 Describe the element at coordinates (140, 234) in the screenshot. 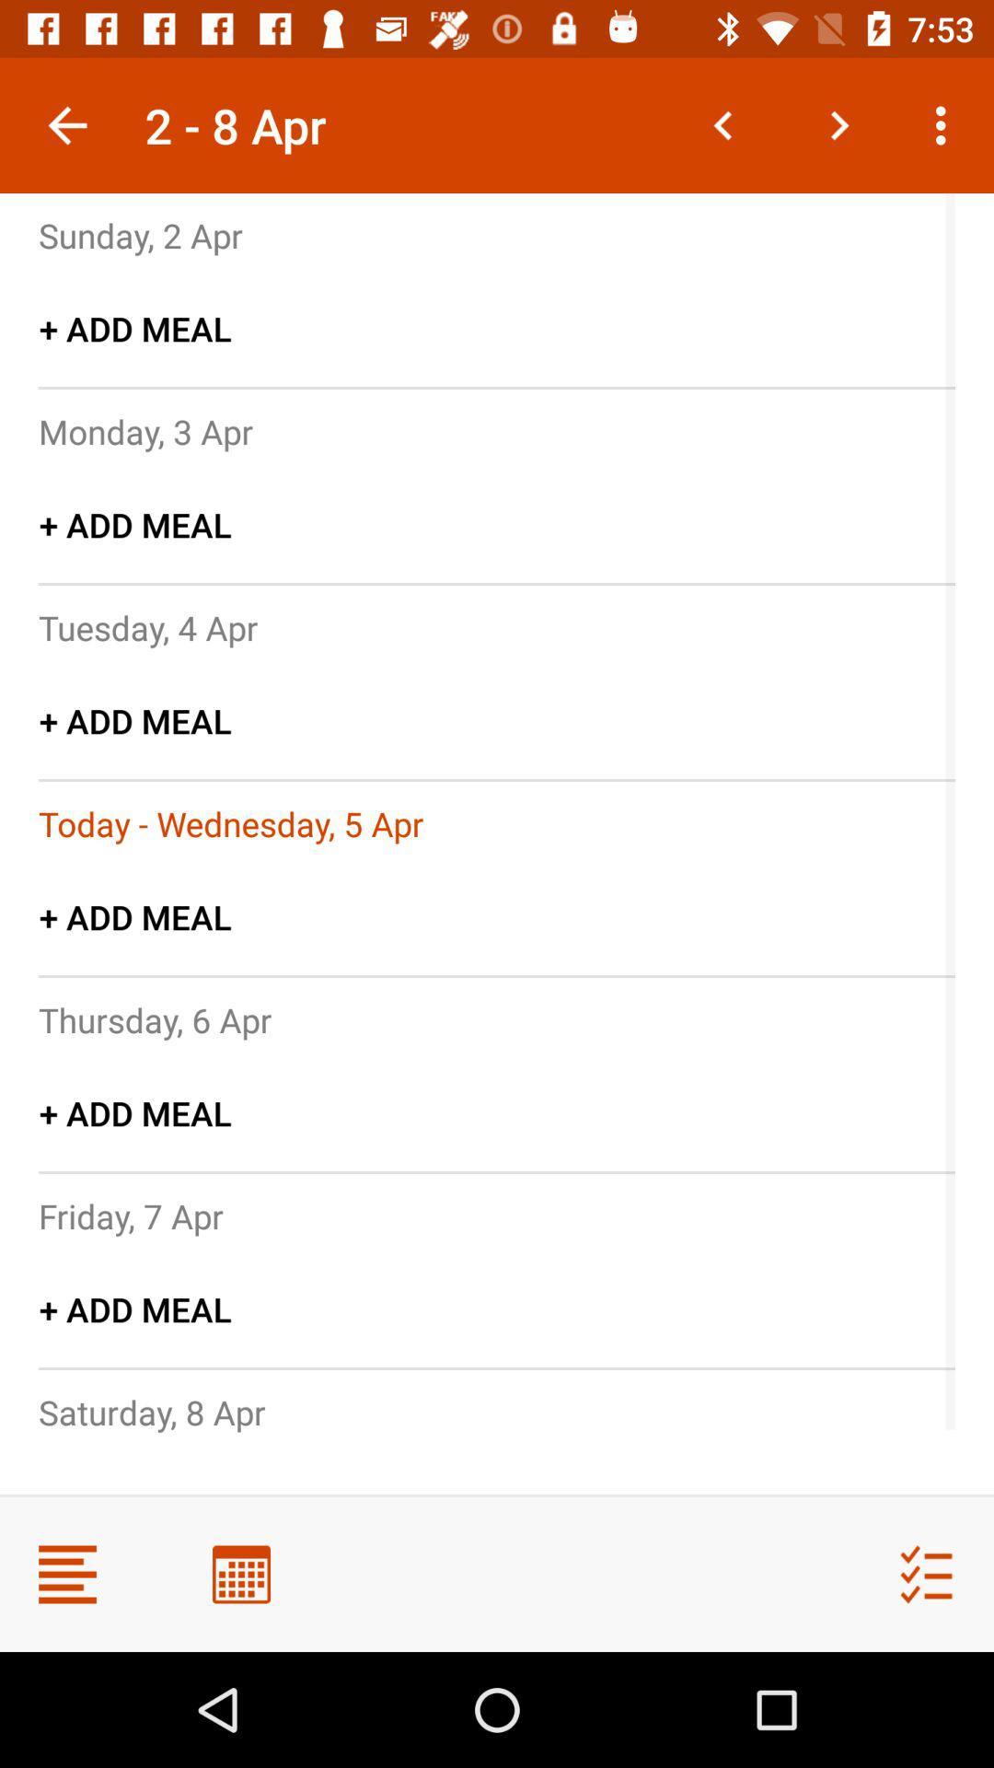

I see `item above + add meal` at that location.